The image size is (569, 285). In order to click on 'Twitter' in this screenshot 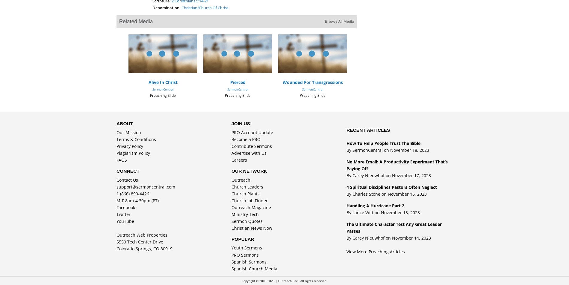, I will do `click(116, 214)`.